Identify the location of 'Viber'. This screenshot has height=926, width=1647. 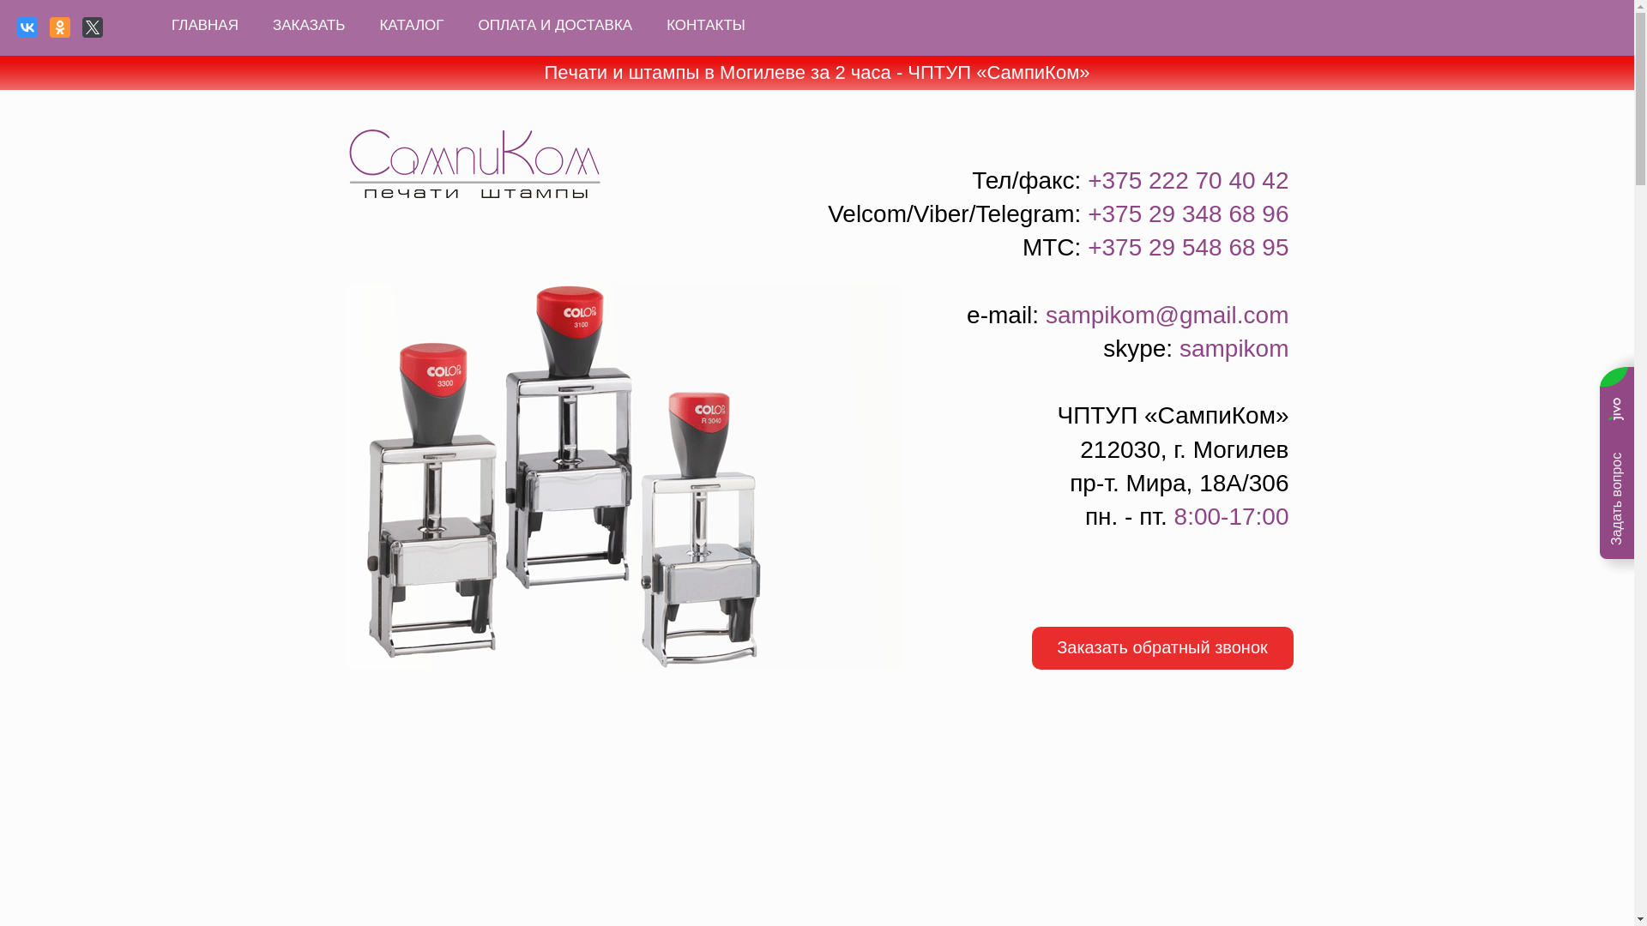
(913, 213).